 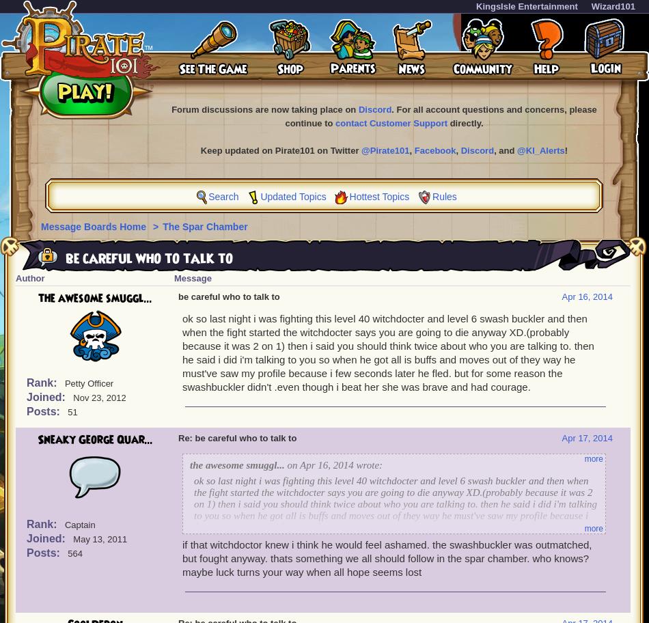 What do you see at coordinates (612, 6) in the screenshot?
I see `'Wizard101'` at bounding box center [612, 6].